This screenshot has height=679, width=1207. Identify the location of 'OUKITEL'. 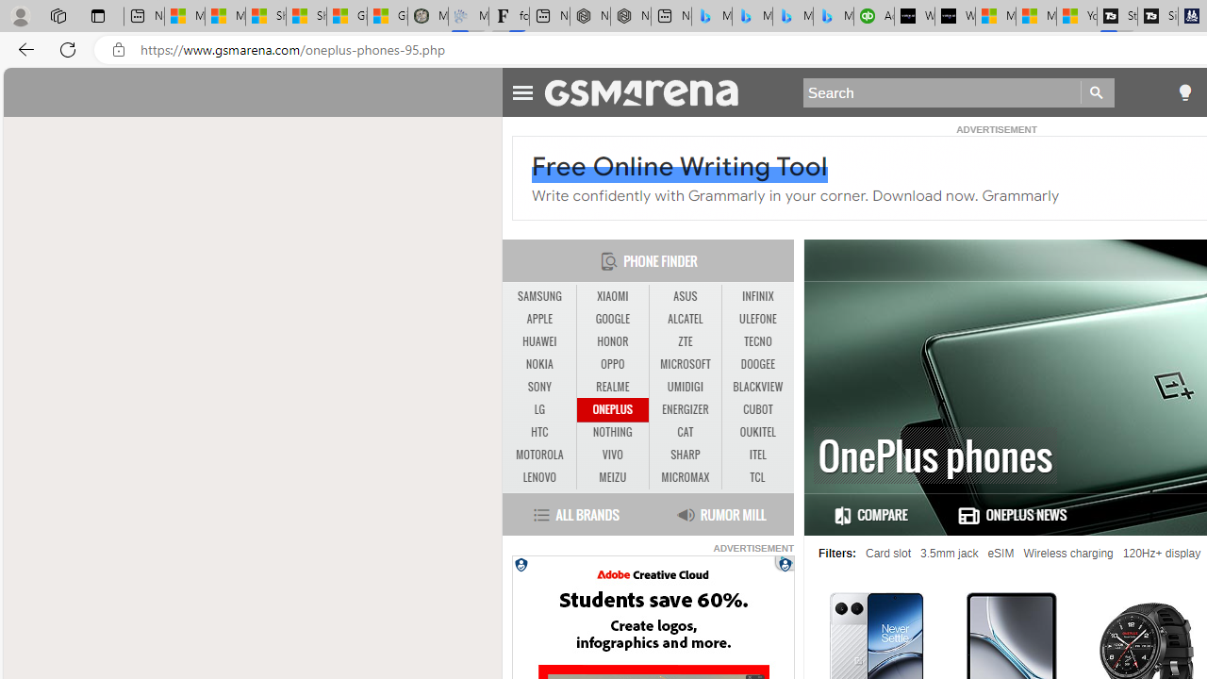
(757, 432).